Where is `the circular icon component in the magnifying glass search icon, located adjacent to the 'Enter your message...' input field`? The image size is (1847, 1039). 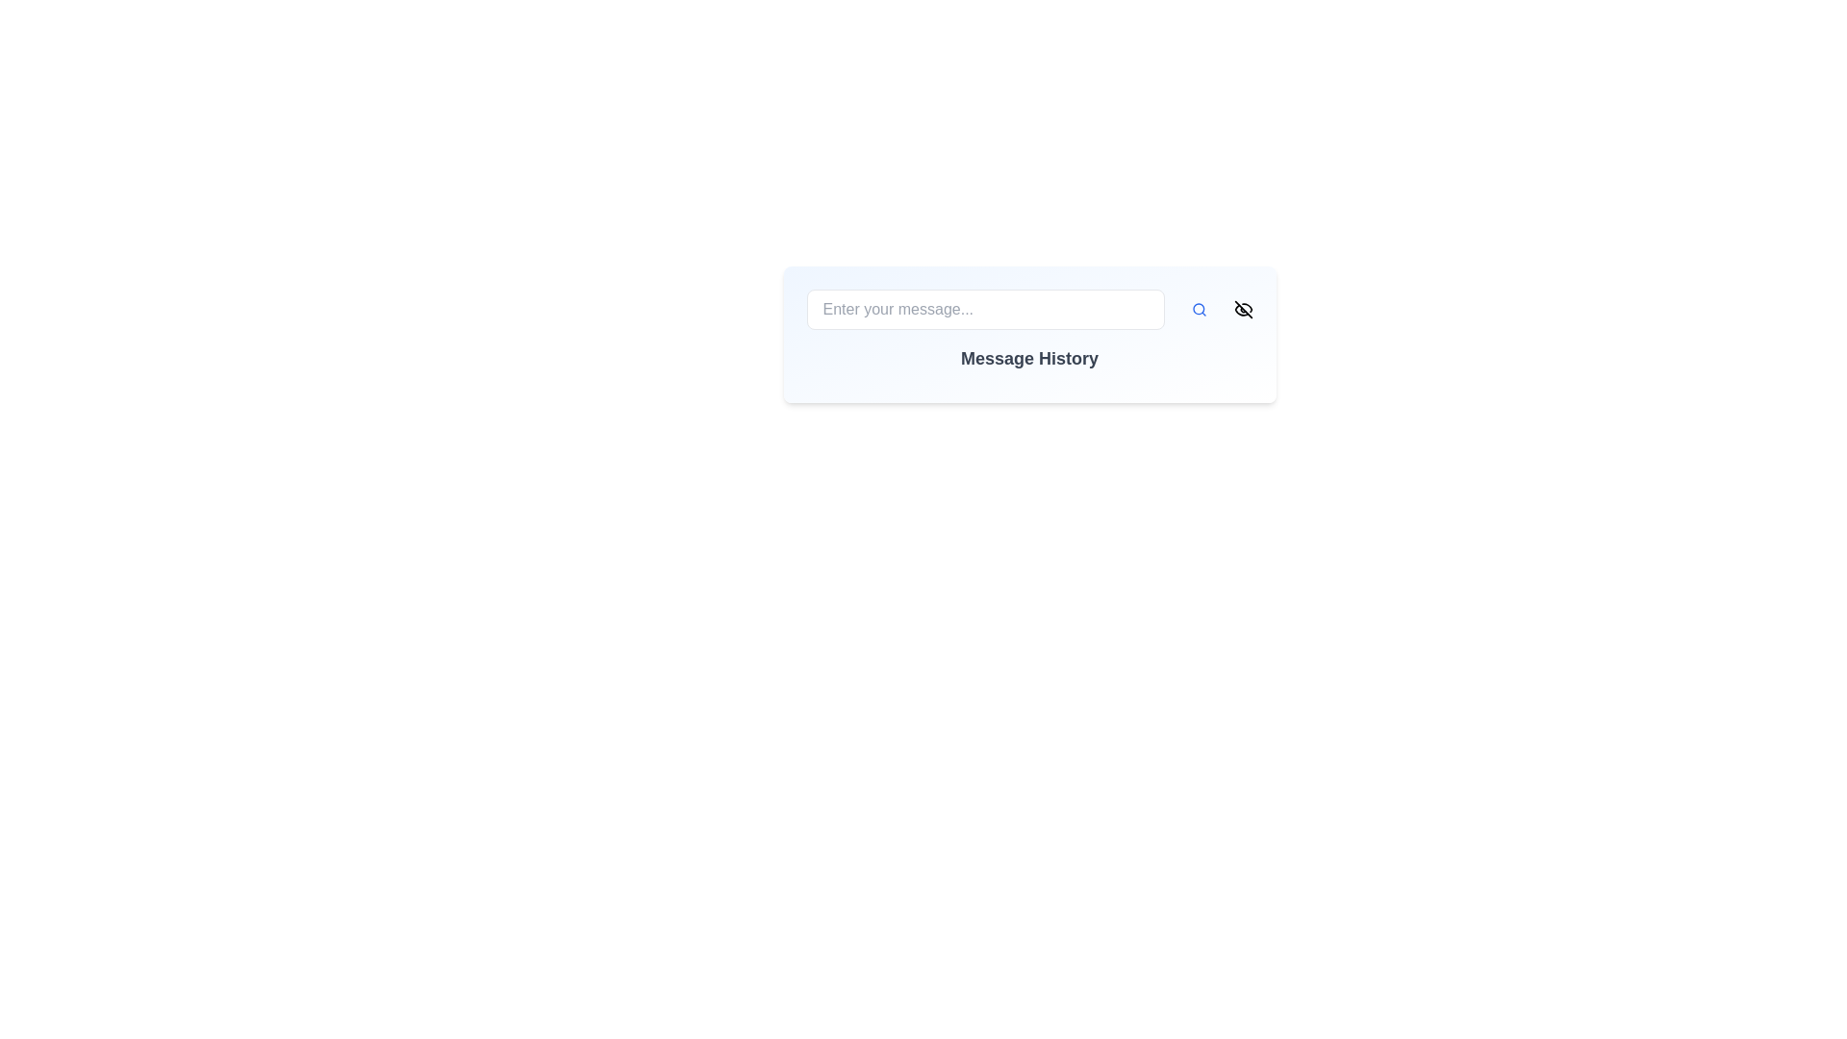
the circular icon component in the magnifying glass search icon, located adjacent to the 'Enter your message...' input field is located at coordinates (1197, 308).